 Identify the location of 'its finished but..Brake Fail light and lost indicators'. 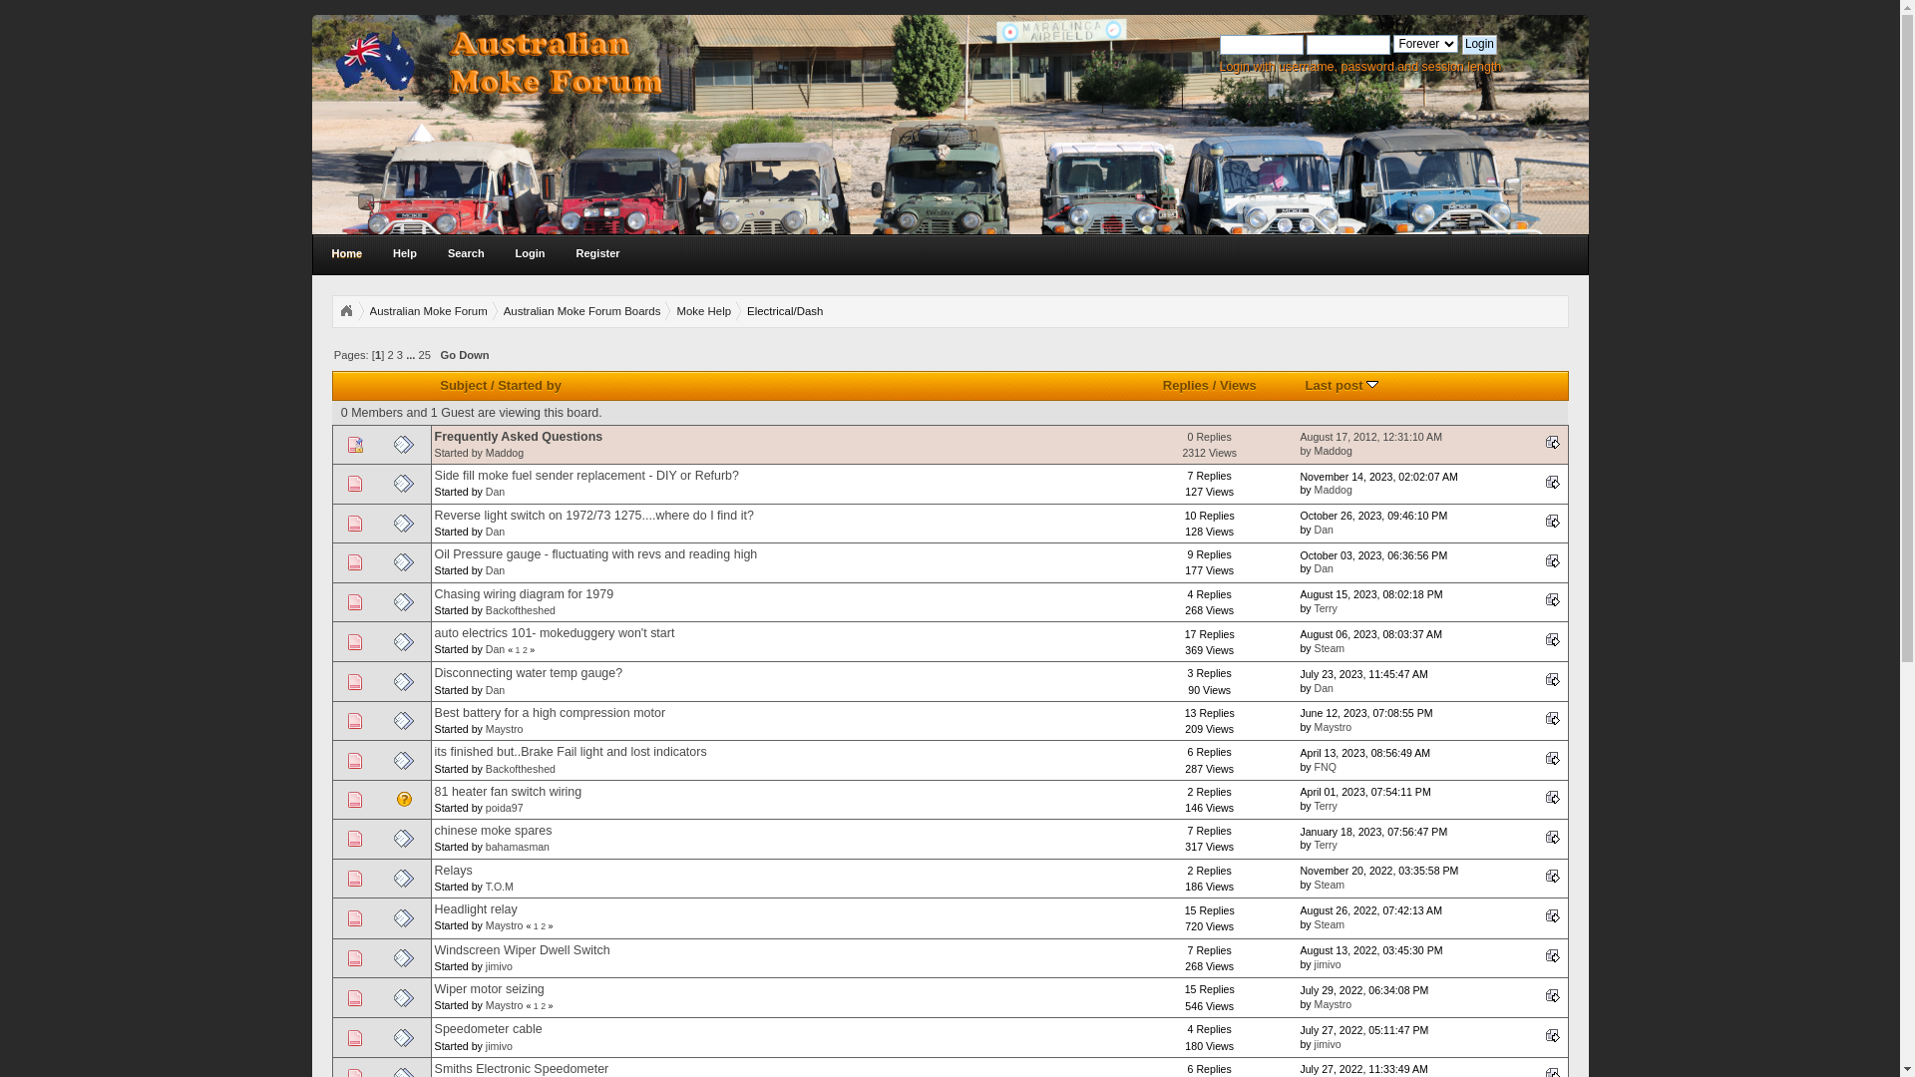
(570, 751).